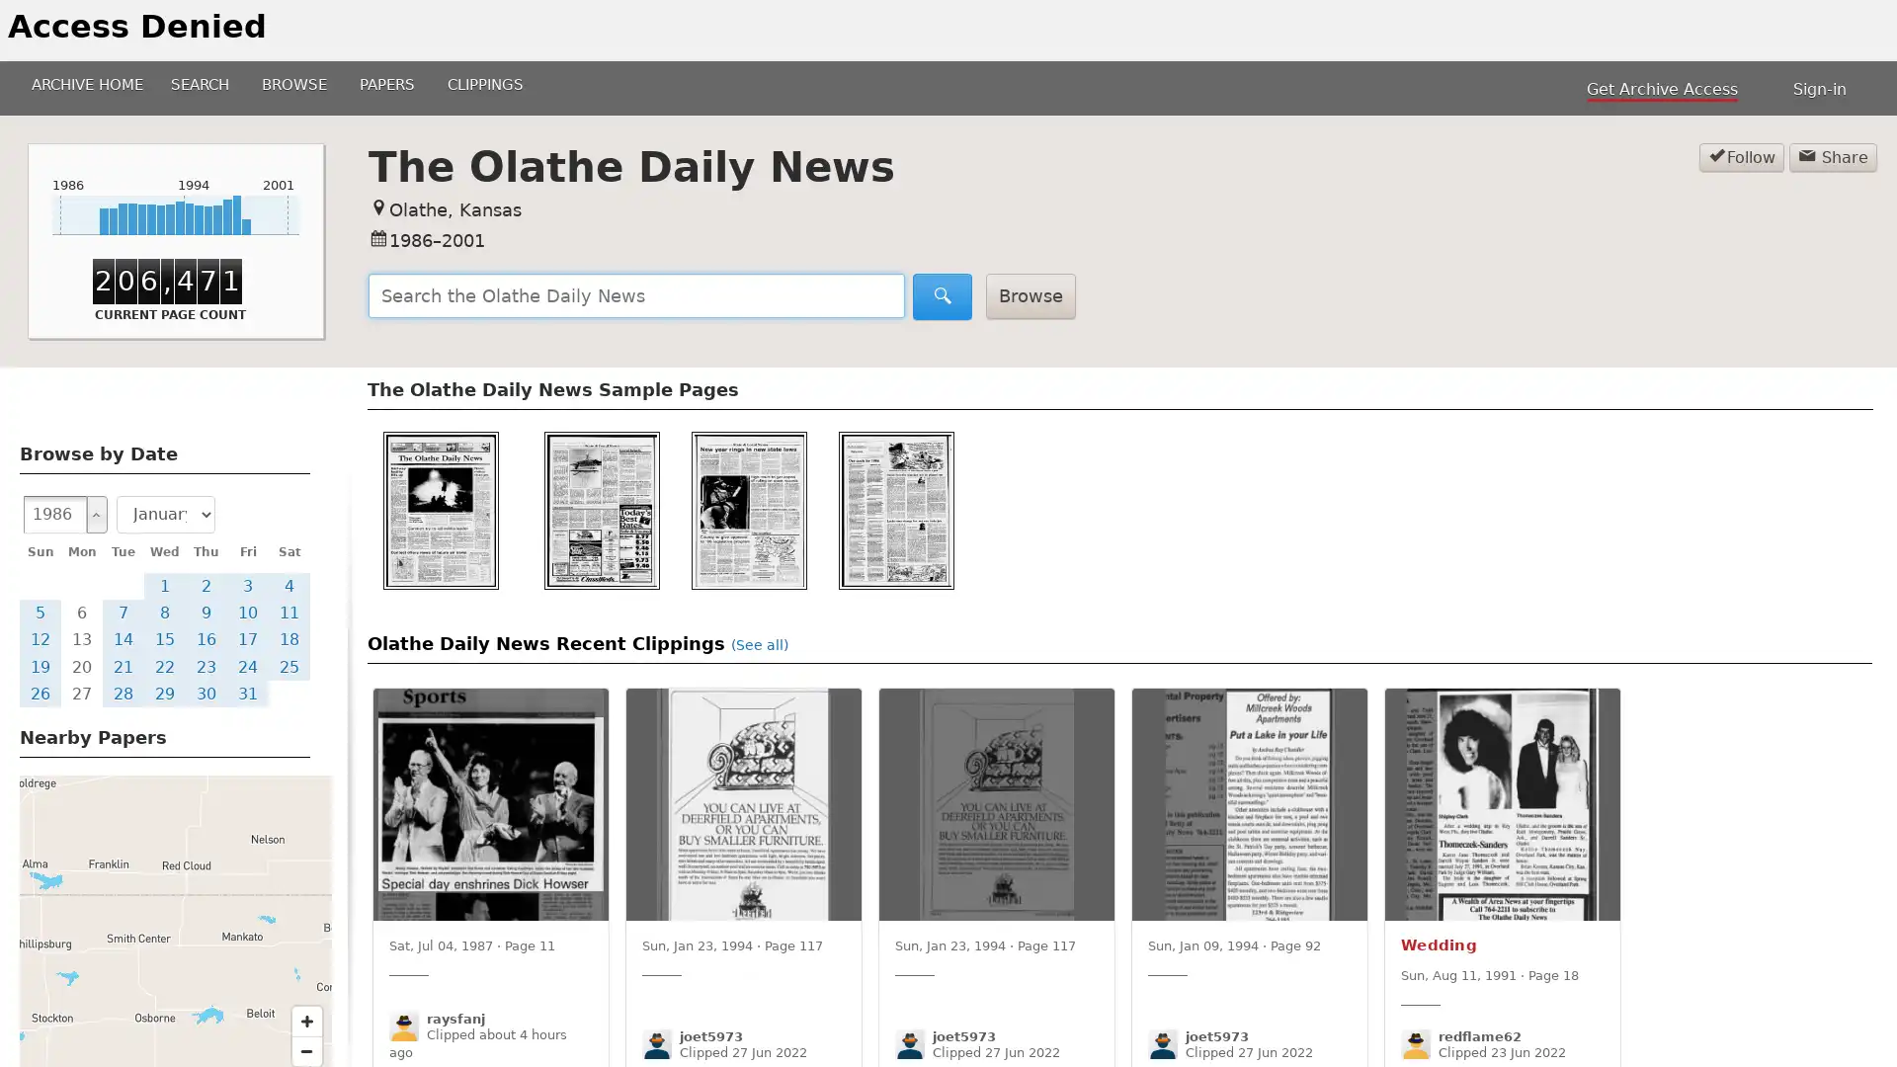 This screenshot has height=1067, width=1897. What do you see at coordinates (95, 513) in the screenshot?
I see `Show All Items` at bounding box center [95, 513].